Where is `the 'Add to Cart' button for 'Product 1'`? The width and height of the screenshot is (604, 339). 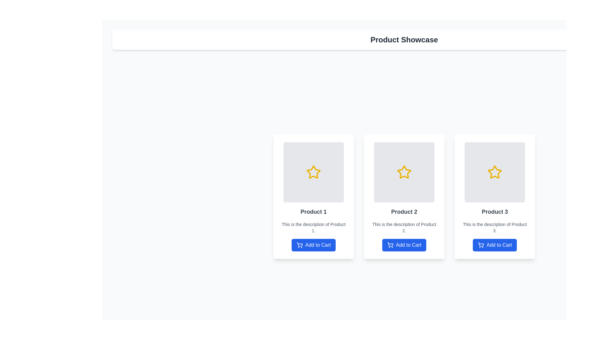
the 'Add to Cart' button for 'Product 1' is located at coordinates (314, 245).